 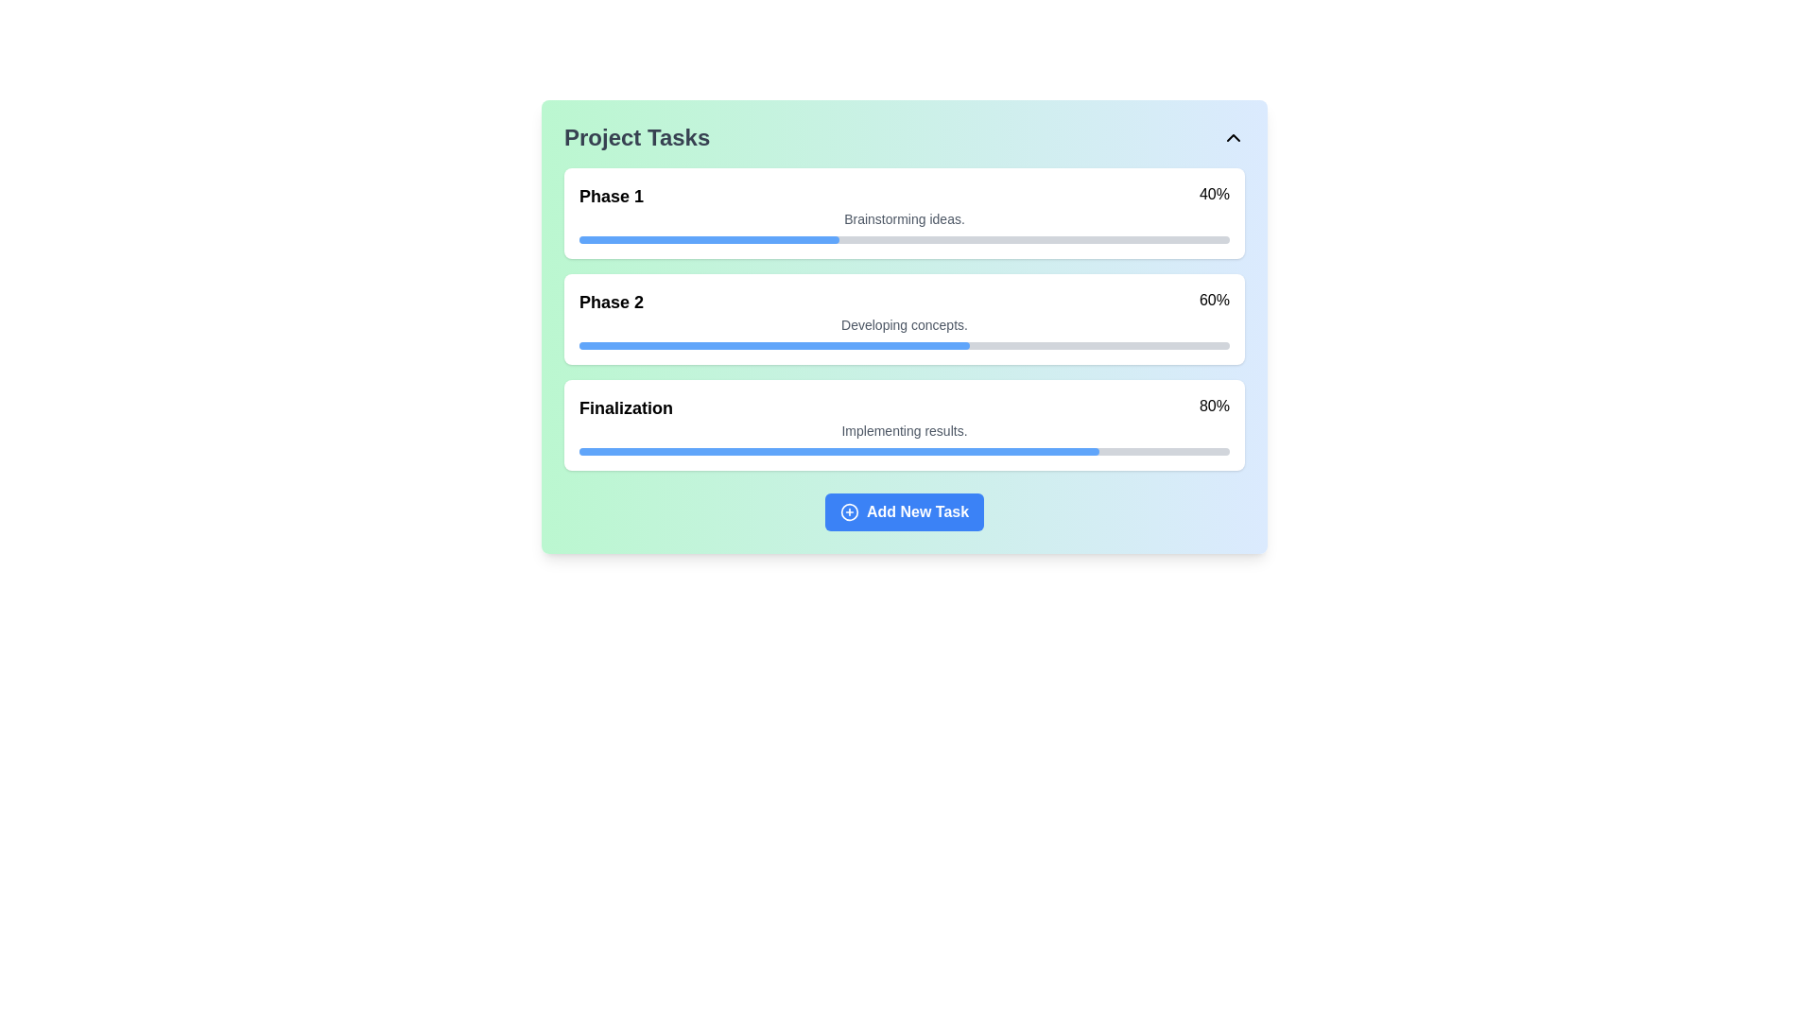 I want to click on the text label displaying 'Developing concepts.' which is a small, gray font aligned under 'Phase 2' and '60%' within a rounded rectangle card in the 'Project Tasks' section, so click(x=903, y=323).